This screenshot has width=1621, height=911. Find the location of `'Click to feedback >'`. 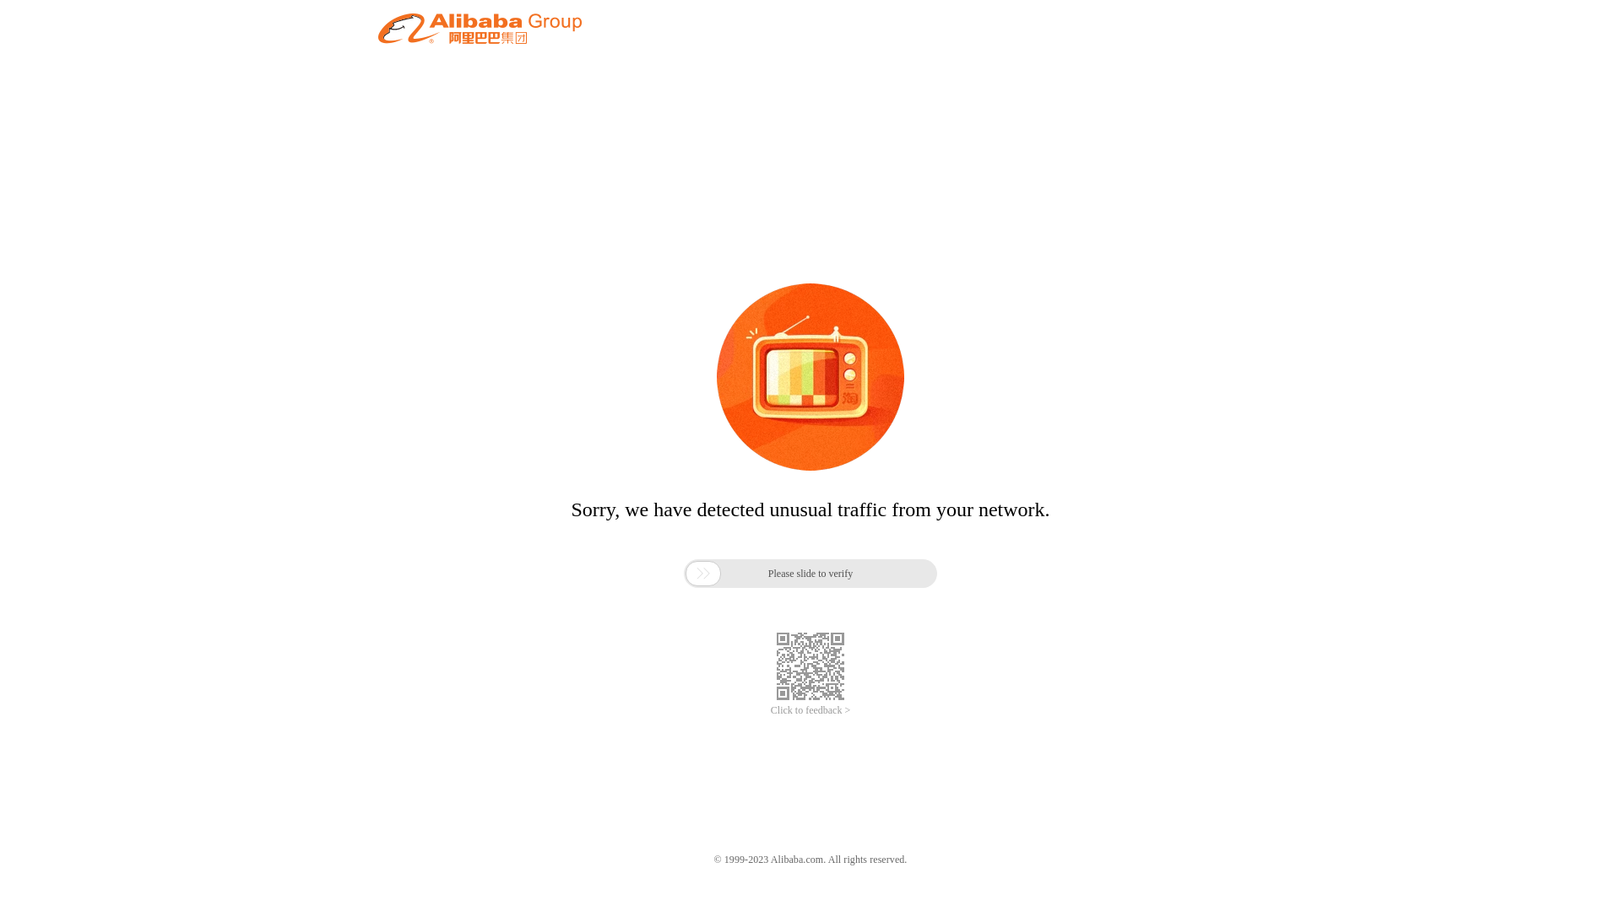

'Click to feedback >' is located at coordinates (769, 710).